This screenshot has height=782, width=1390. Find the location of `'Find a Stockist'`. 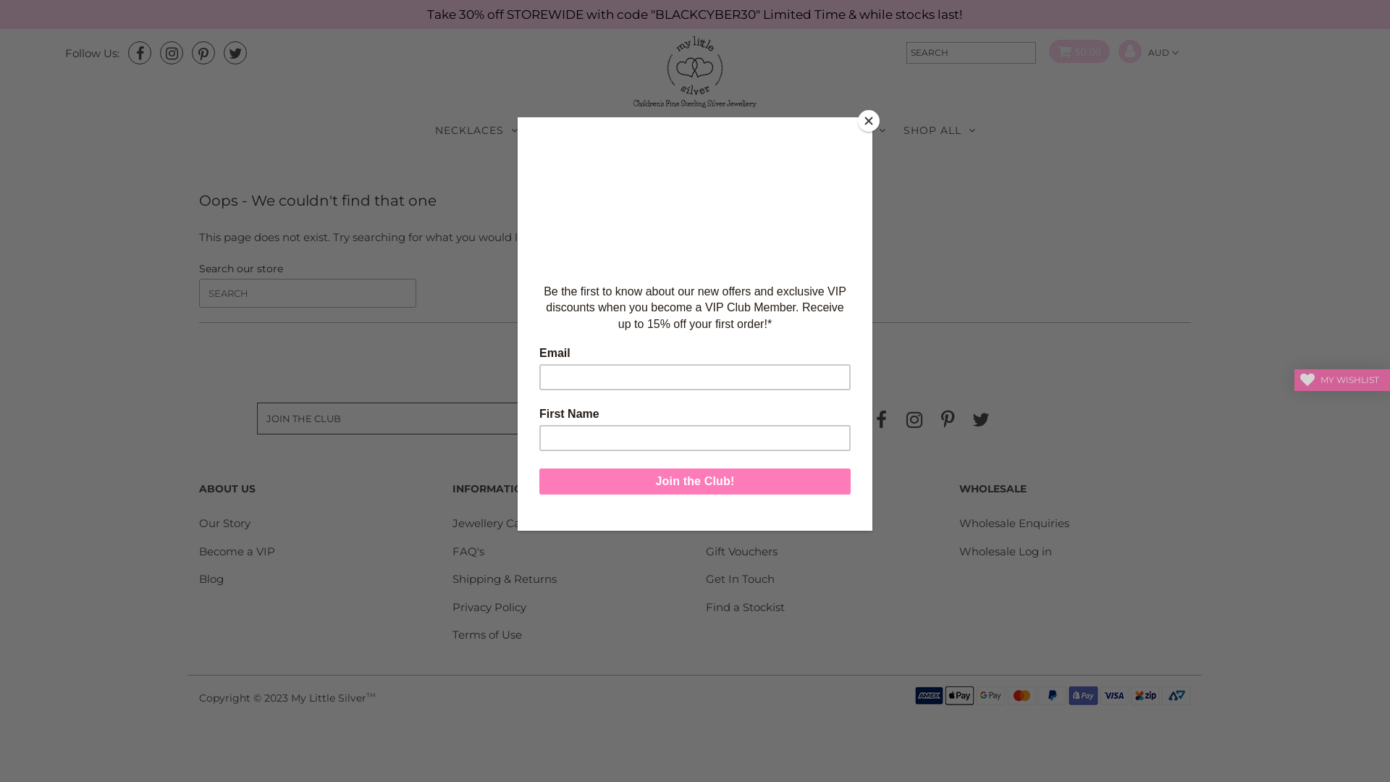

'Find a Stockist' is located at coordinates (705, 607).